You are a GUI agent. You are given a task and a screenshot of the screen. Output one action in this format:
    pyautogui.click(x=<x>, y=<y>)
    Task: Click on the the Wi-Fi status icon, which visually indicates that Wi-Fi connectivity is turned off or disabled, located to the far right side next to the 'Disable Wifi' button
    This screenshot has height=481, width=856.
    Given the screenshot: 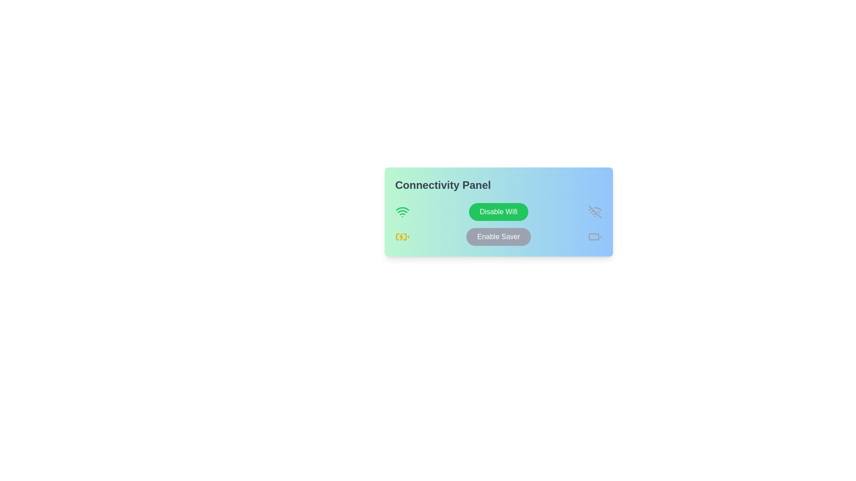 What is the action you would take?
    pyautogui.click(x=595, y=212)
    